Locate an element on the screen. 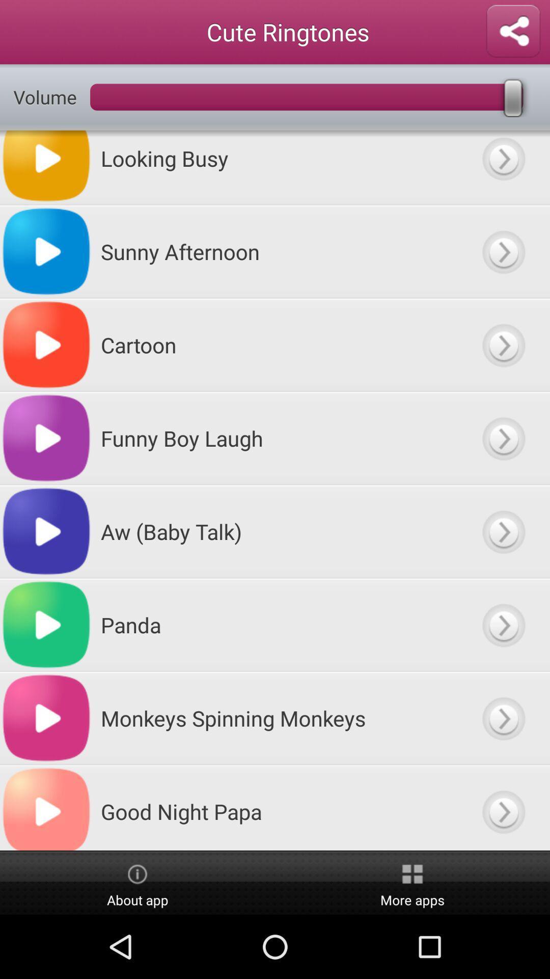 The image size is (550, 979). next button is located at coordinates (503, 624).